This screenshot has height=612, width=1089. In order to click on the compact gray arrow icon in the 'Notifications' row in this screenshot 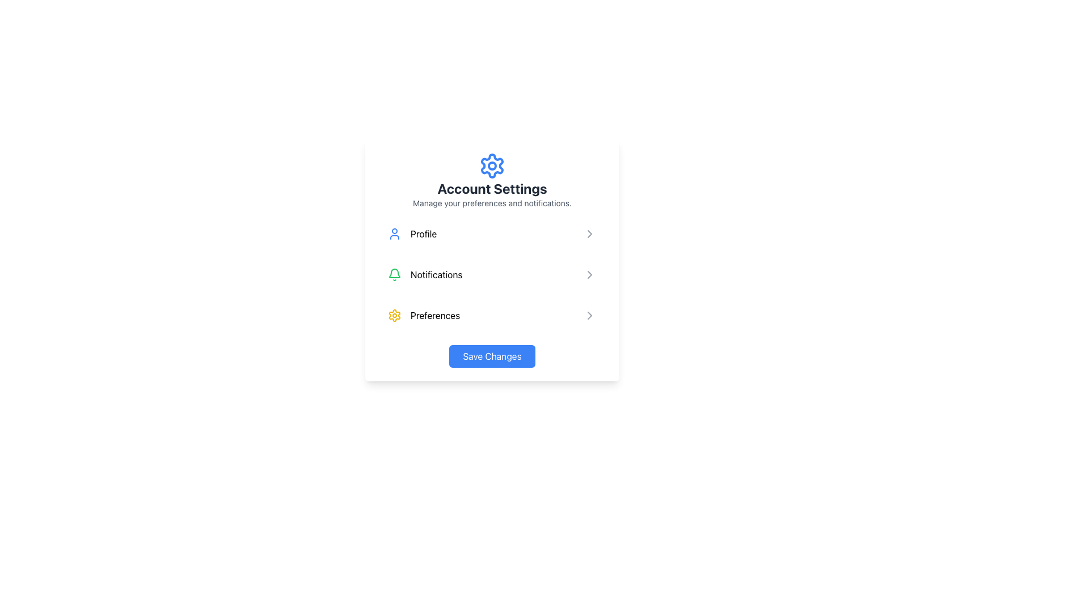, I will do `click(590, 275)`.